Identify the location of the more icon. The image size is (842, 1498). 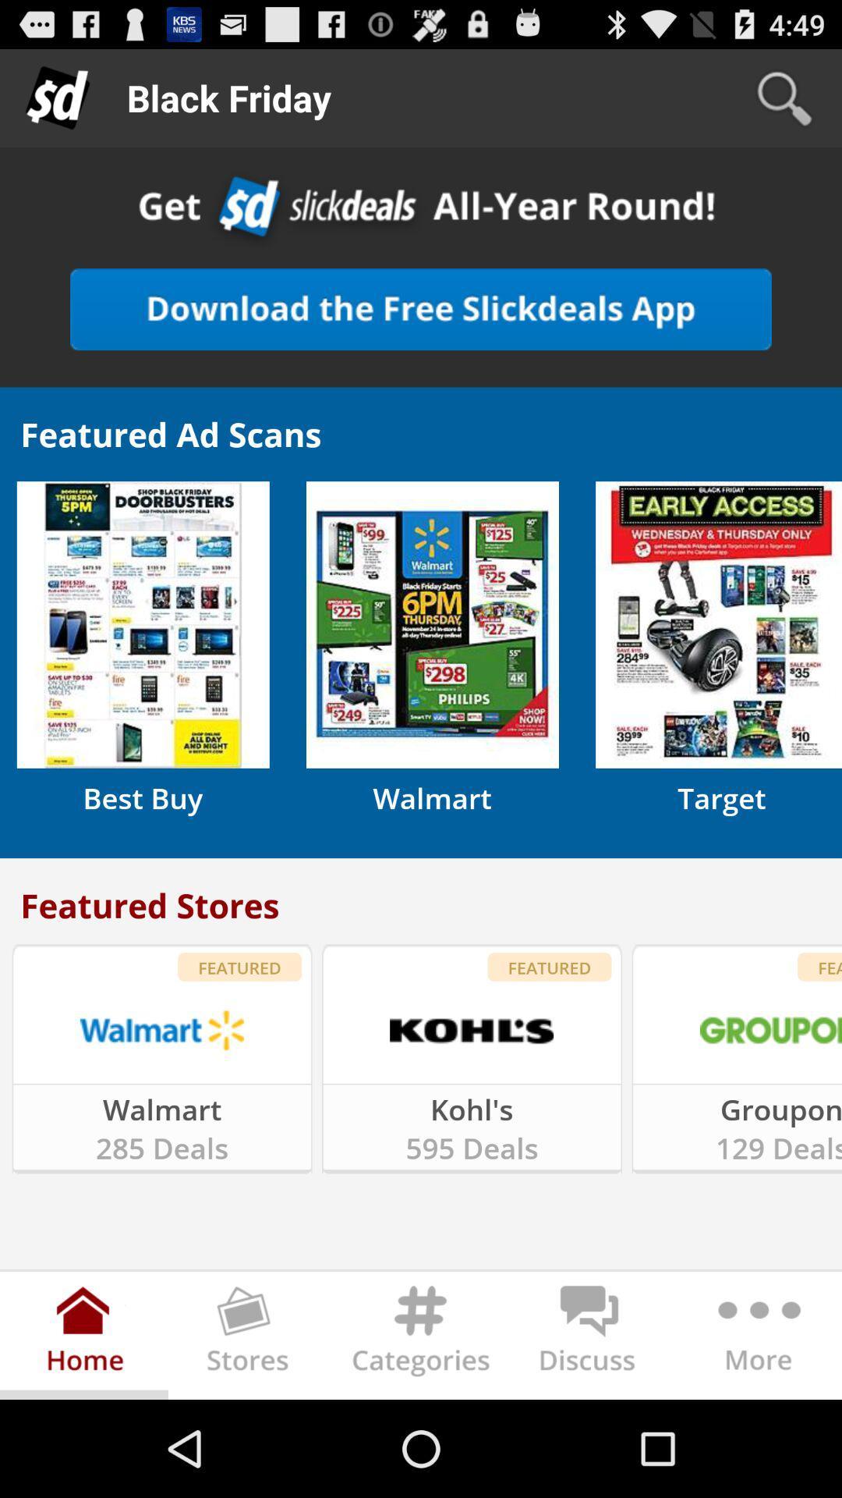
(756, 1432).